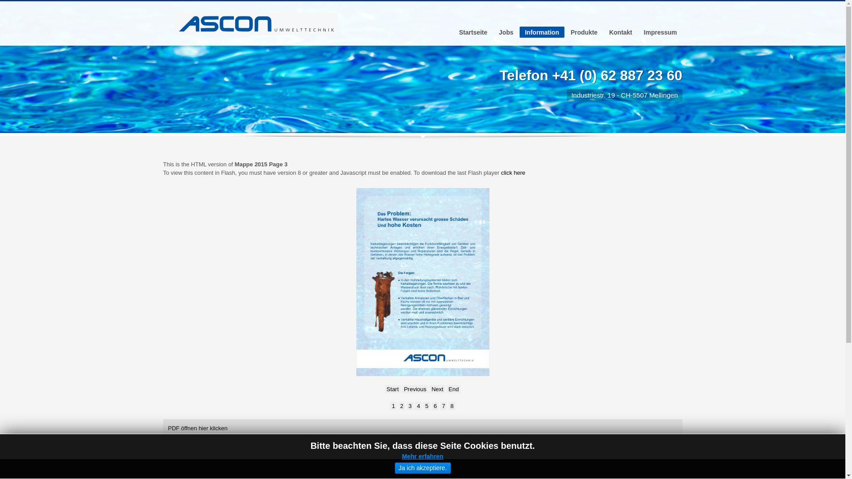  What do you see at coordinates (454, 389) in the screenshot?
I see `'End'` at bounding box center [454, 389].